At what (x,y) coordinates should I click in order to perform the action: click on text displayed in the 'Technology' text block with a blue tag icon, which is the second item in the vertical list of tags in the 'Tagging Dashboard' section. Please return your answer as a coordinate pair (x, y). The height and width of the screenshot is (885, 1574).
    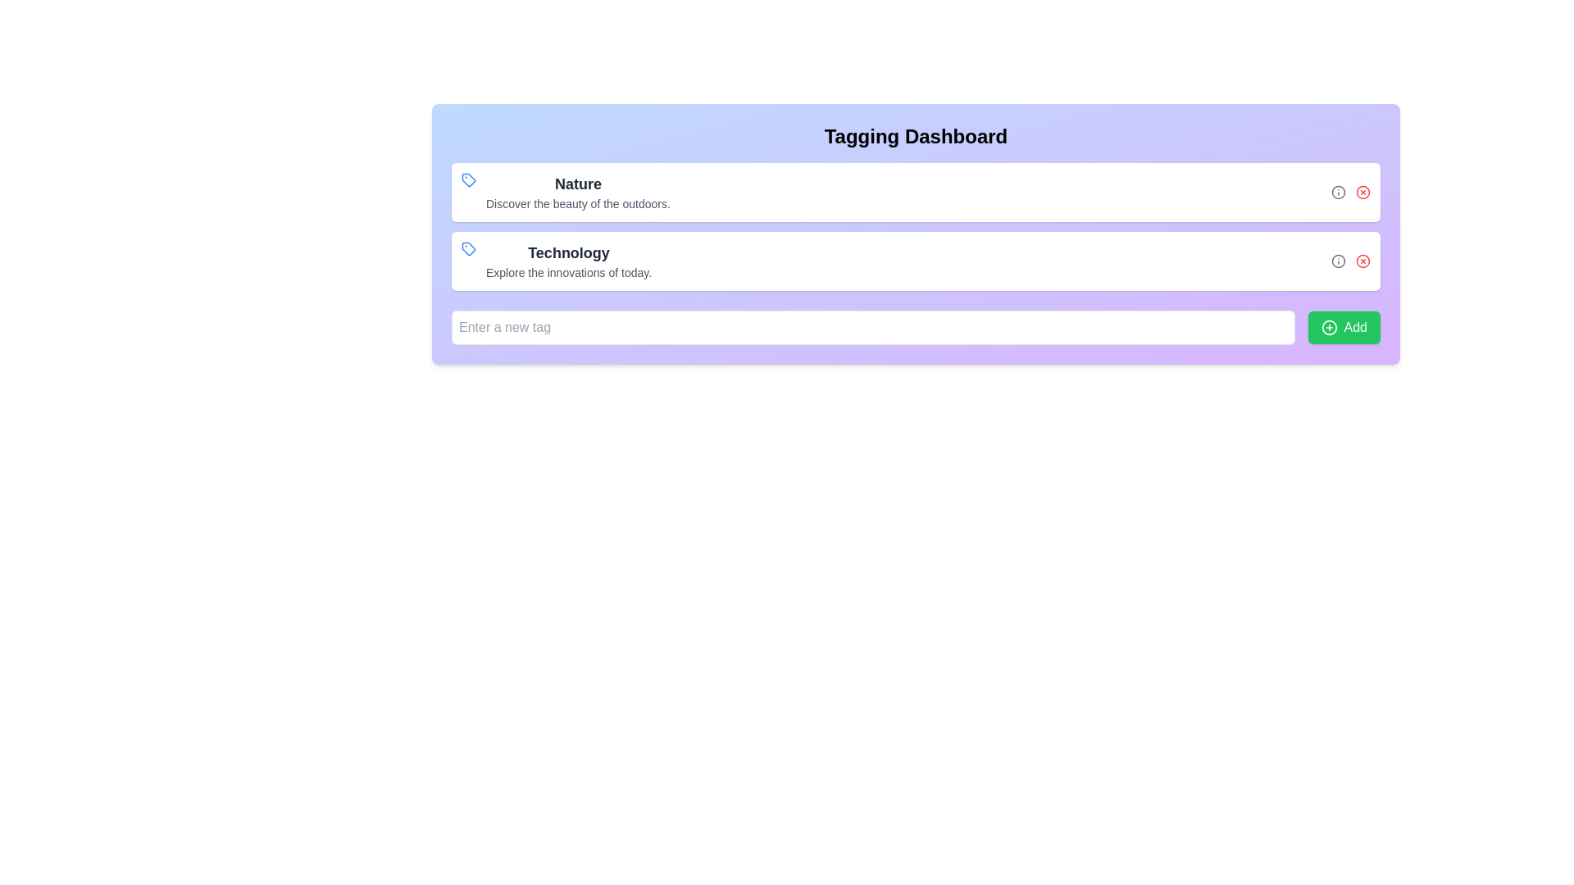
    Looking at the image, I should click on (557, 261).